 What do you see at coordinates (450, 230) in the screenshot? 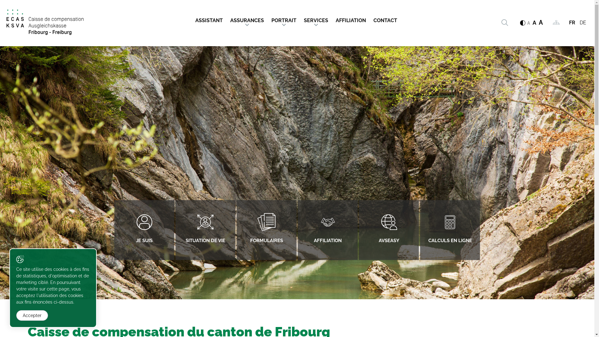
I see `'CALCULS EN LIGNE'` at bounding box center [450, 230].